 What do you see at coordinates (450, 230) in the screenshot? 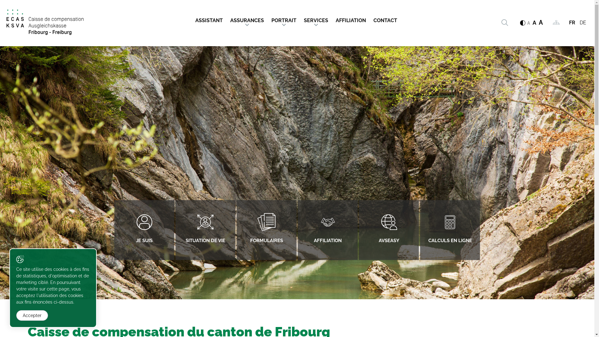
I see `'CALCULS EN LIGNE'` at bounding box center [450, 230].